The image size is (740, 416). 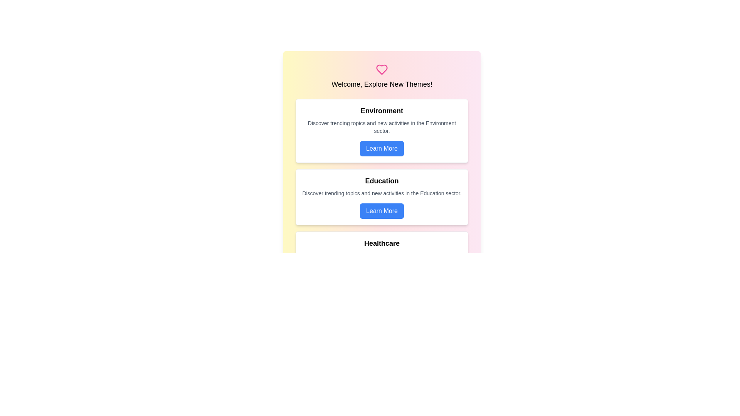 I want to click on the 'Learn More' button with a blue background and white text, located below the text 'Discover trending topics and new activities in the Education sector.', so click(x=382, y=211).